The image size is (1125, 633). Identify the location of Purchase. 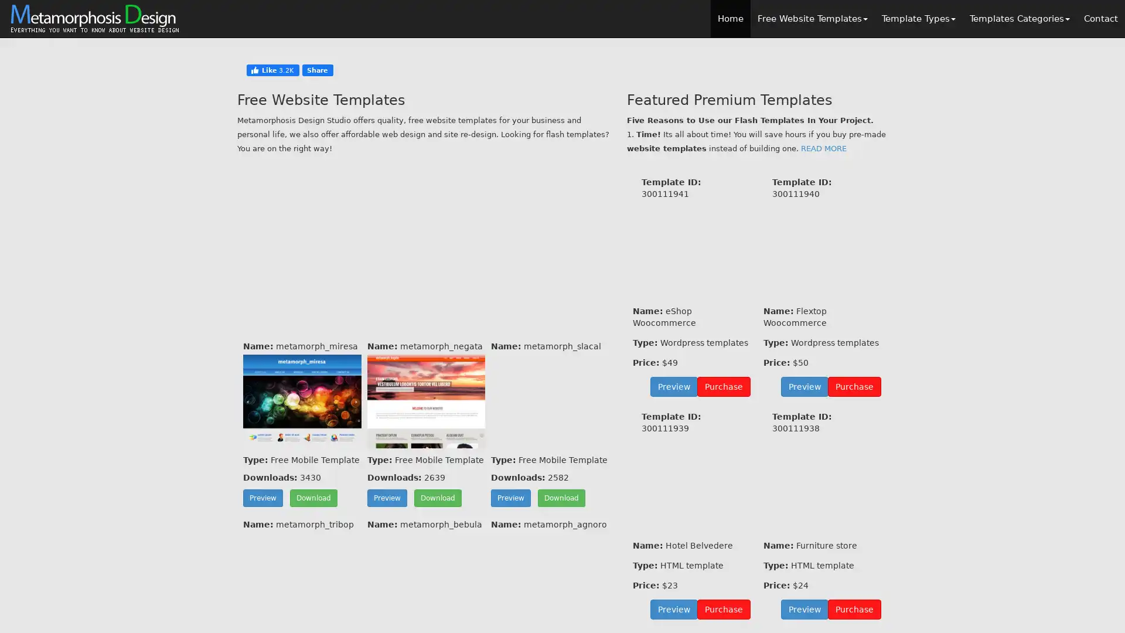
(723, 609).